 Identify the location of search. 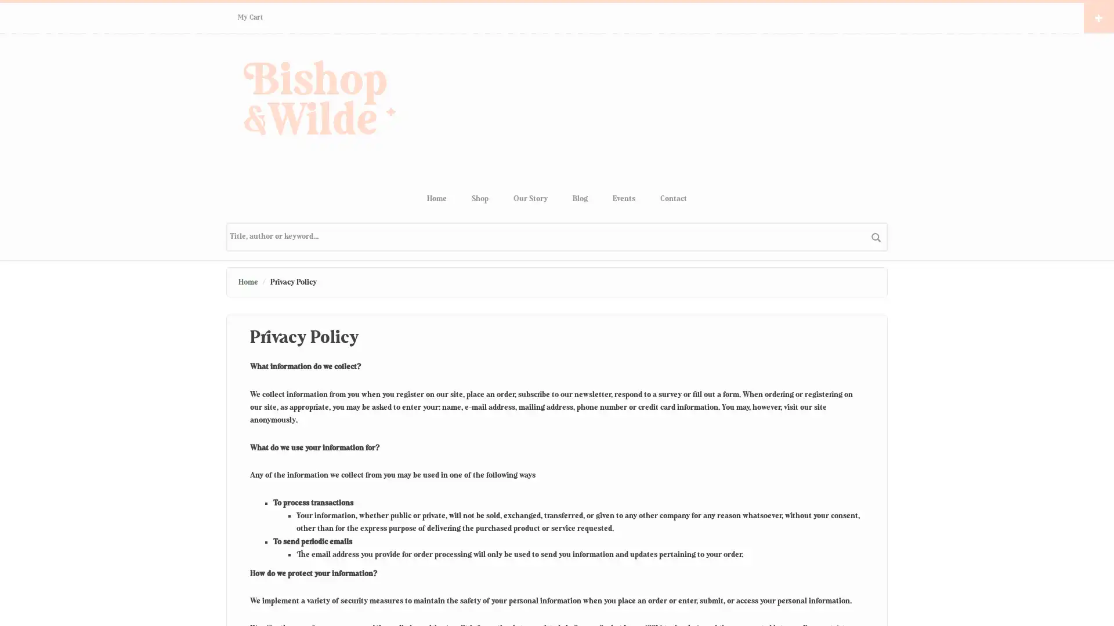
(876, 236).